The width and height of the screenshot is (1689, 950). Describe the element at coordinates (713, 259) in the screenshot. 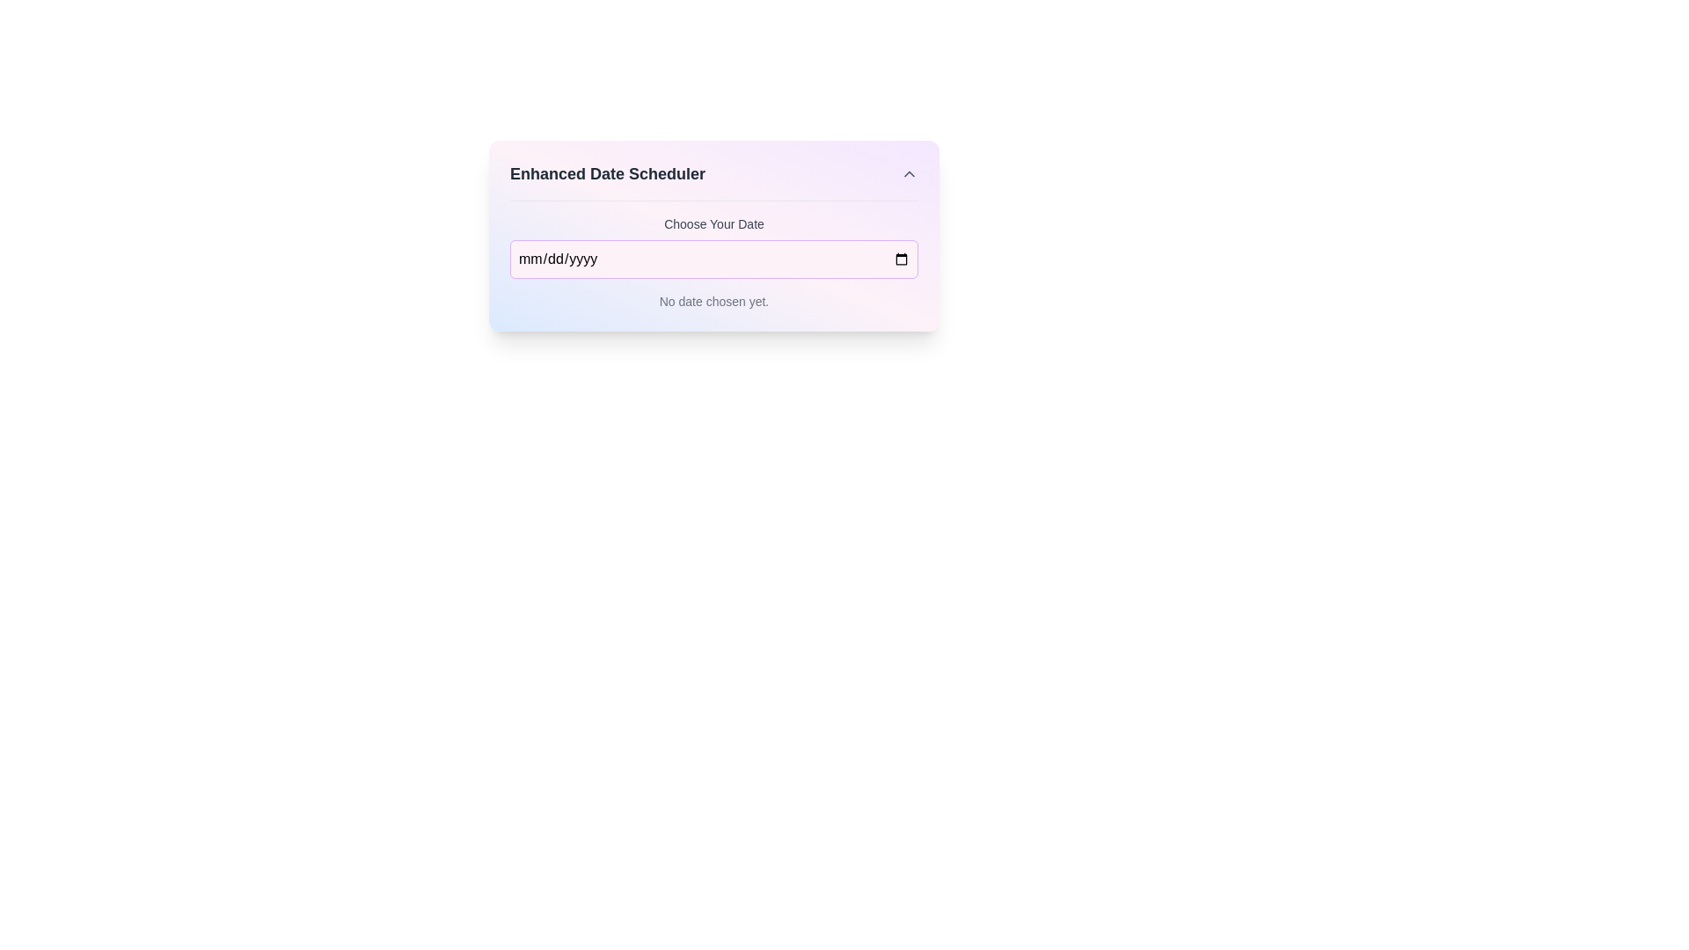

I see `the Date Input Field with a light pink background and purple border to focus the input` at that location.